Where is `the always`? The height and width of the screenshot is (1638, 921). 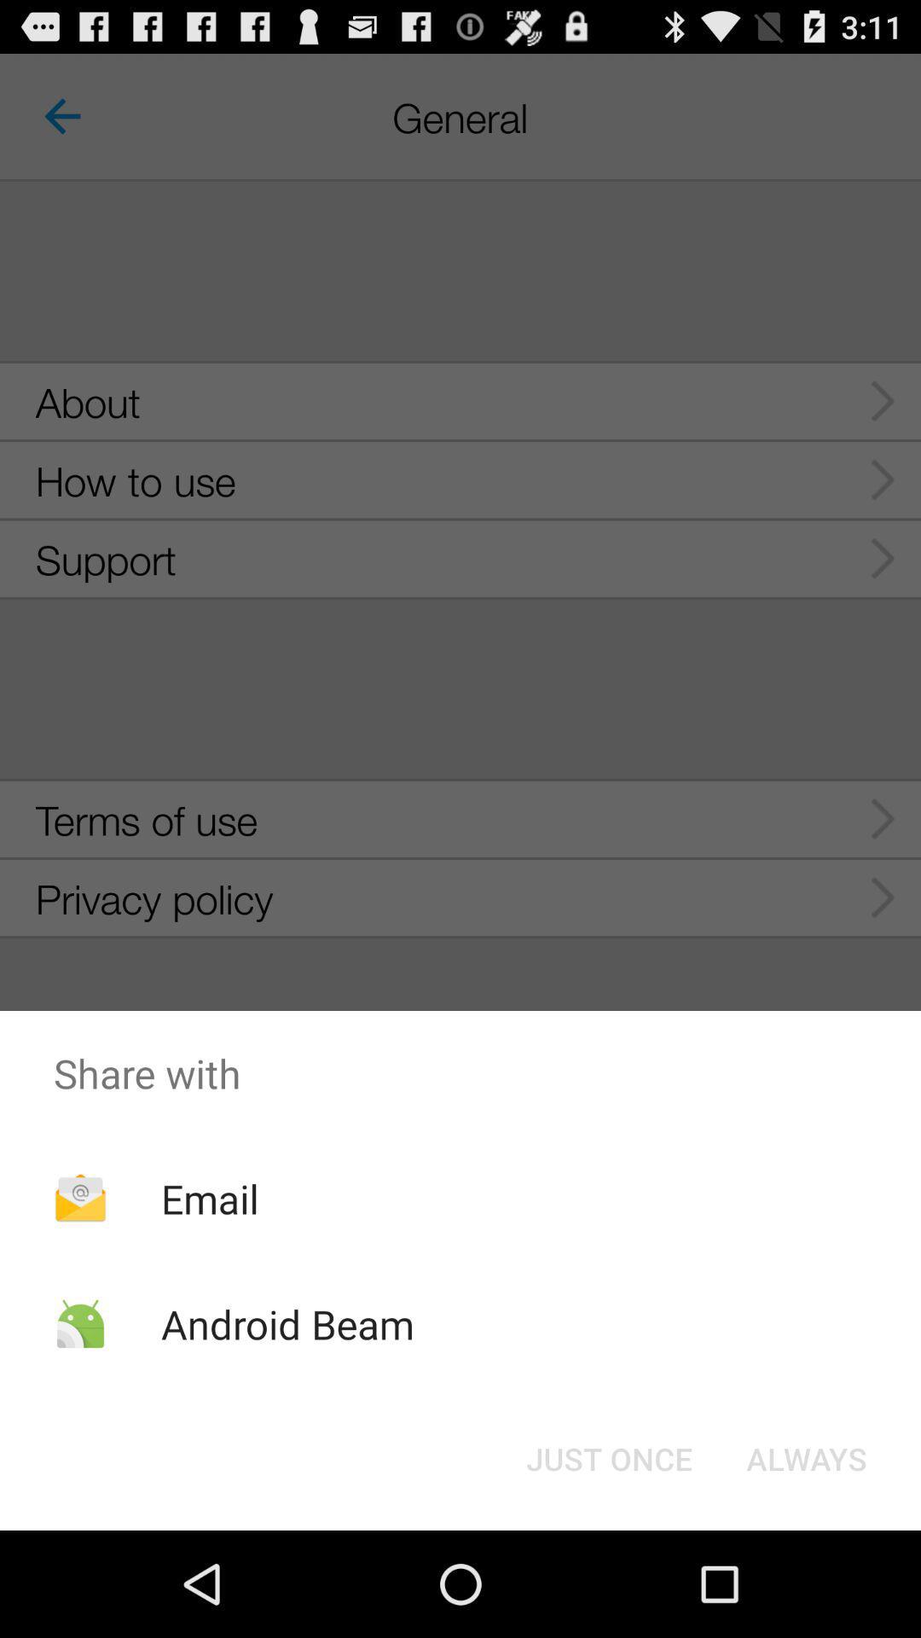
the always is located at coordinates (806, 1457).